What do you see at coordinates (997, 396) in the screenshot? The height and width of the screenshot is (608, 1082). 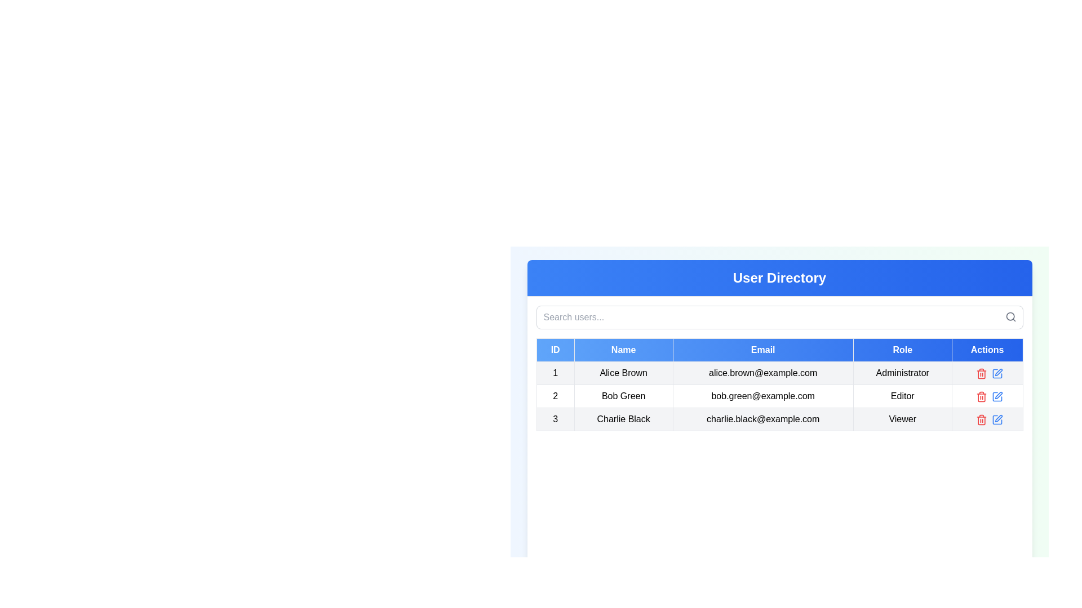 I see `the edit icon button located in the third column labeled 'Actions' of the second row` at bounding box center [997, 396].